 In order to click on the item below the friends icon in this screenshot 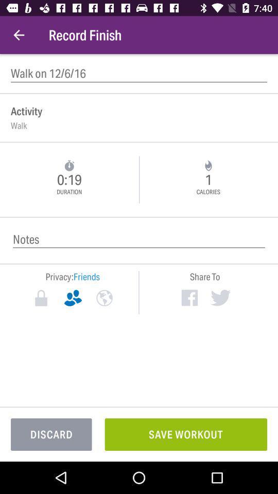, I will do `click(104, 298)`.